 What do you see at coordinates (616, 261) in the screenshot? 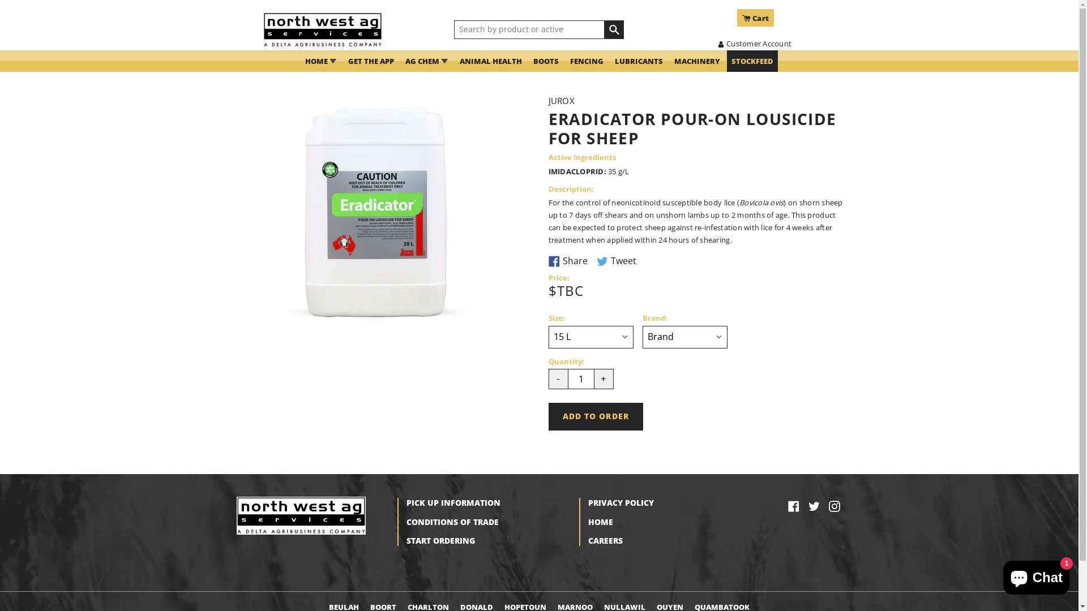
I see `'Tweet` at bounding box center [616, 261].